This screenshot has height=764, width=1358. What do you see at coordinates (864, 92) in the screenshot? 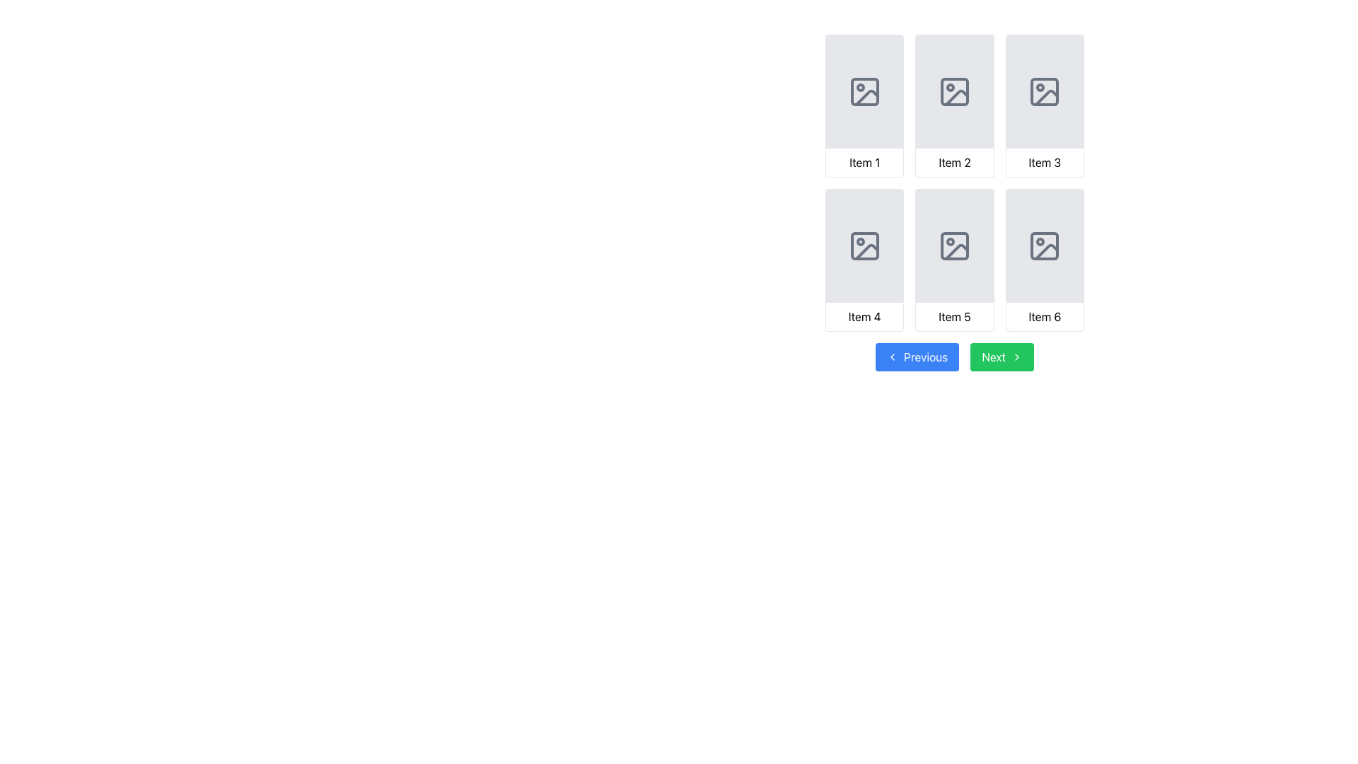
I see `the image placeholder icon located in the first column and first row of the two-row grid` at bounding box center [864, 92].